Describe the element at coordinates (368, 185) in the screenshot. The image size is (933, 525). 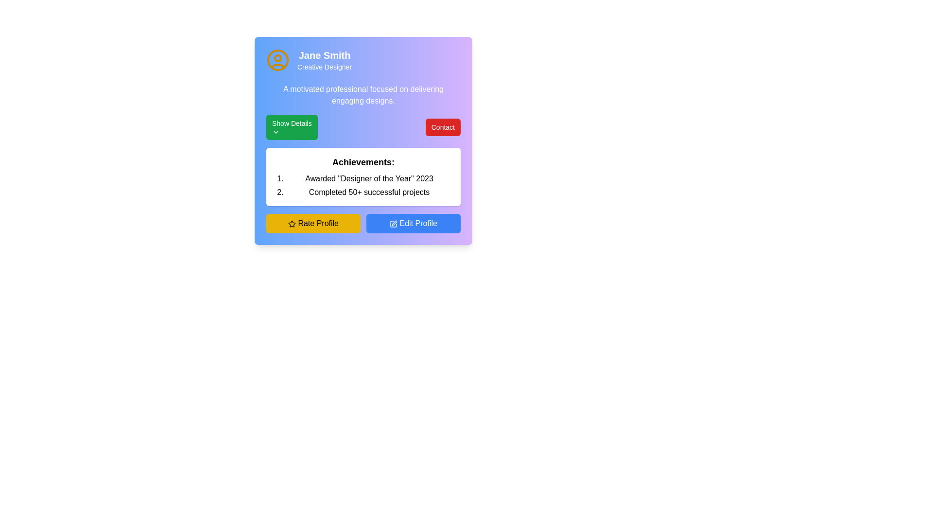
I see `the text list containing 'Awarded "Designer of the Year" 2023' and 'Completed 50+ successful projects' to copy its content` at that location.